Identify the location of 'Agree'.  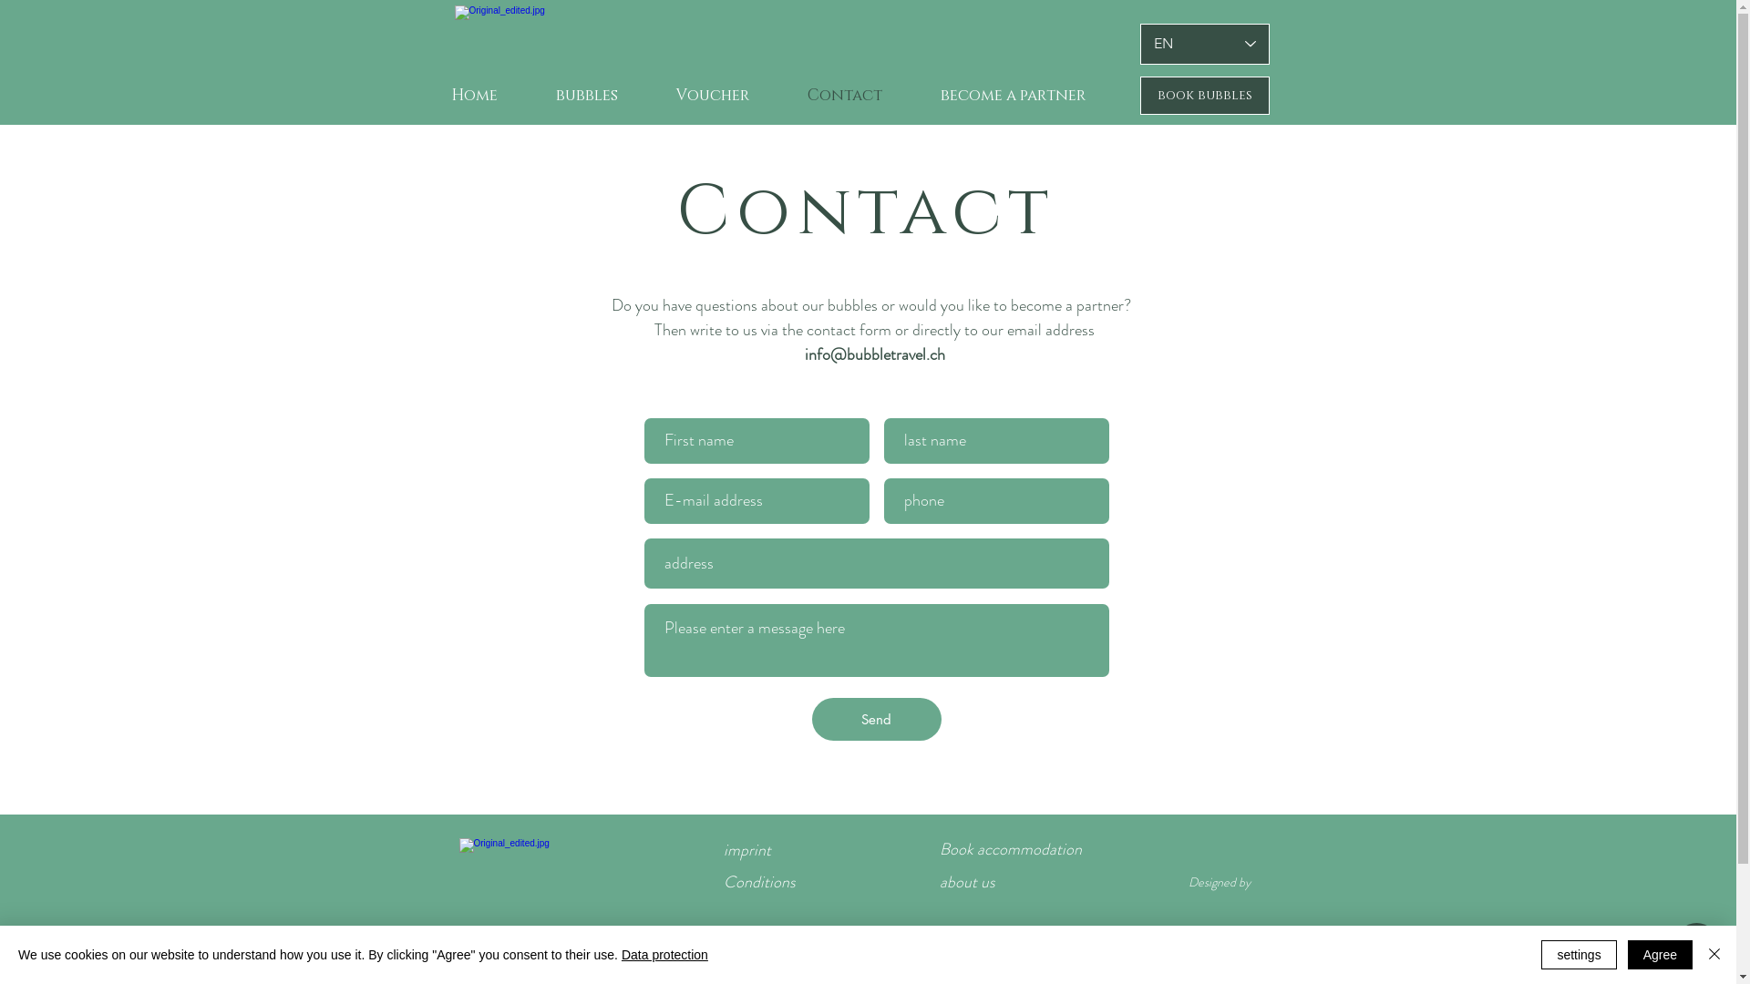
(1660, 954).